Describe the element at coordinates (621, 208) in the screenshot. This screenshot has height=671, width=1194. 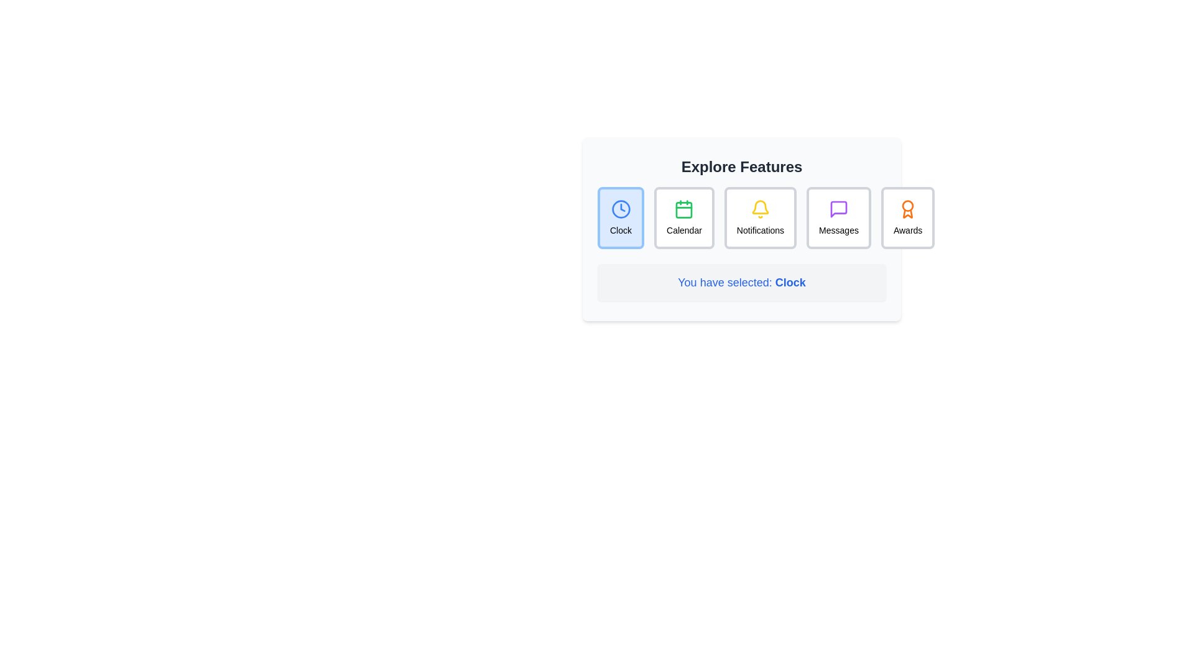
I see `the outer boundary of the clock icon representing the 'Clock' feature, which is part of the first item in the row of feature buttons under 'Explore Features'` at that location.